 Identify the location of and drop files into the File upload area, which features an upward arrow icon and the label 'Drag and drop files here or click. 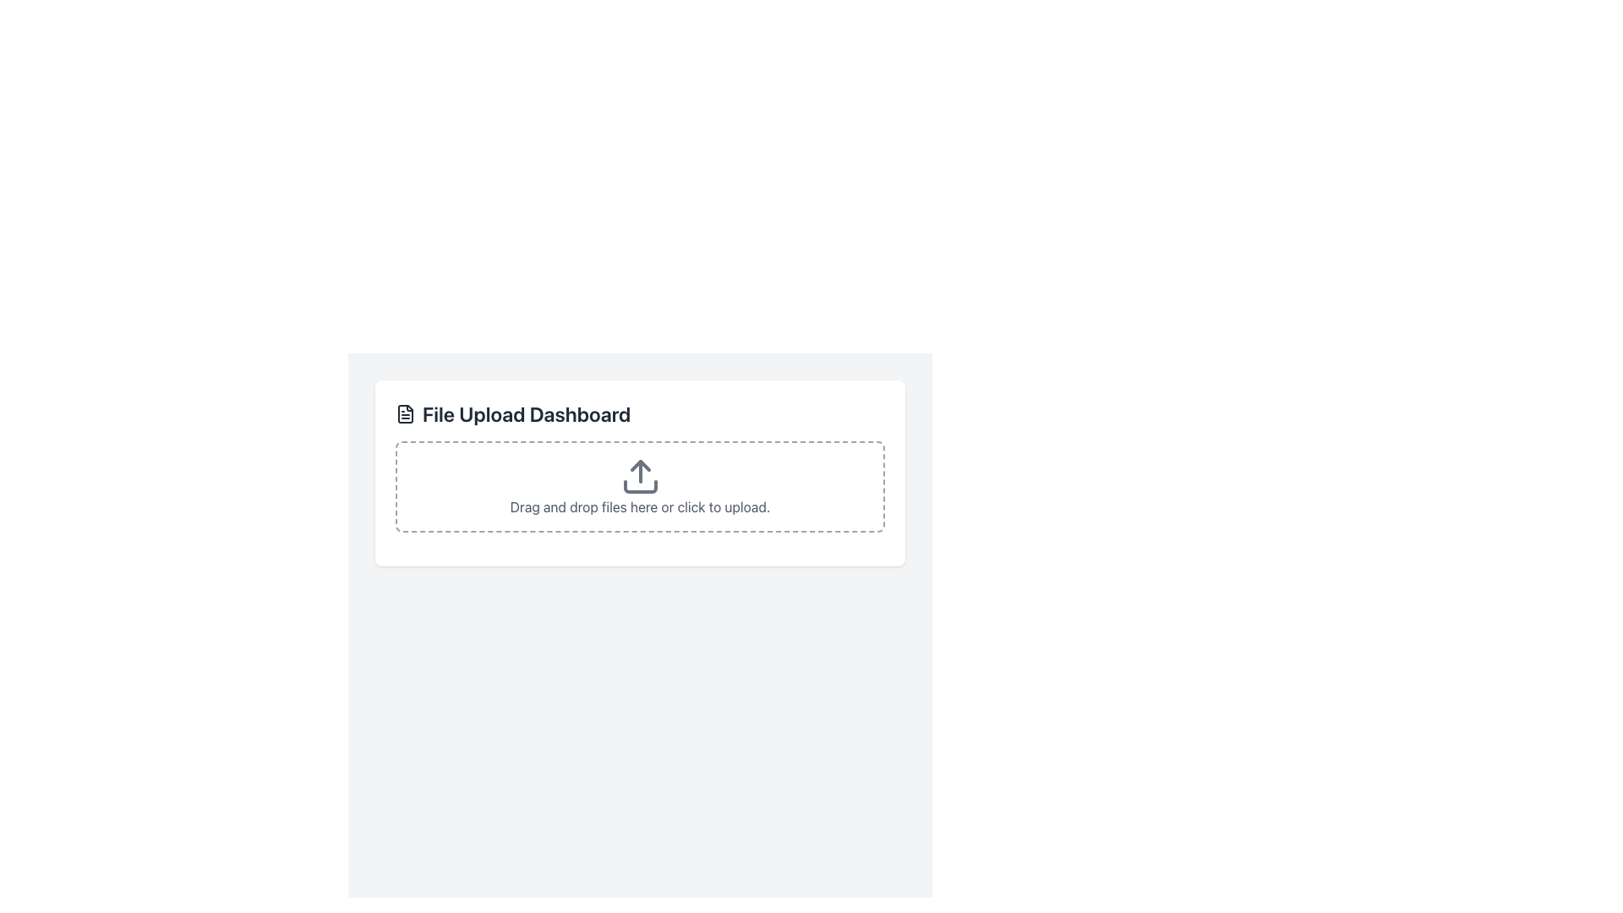
(639, 486).